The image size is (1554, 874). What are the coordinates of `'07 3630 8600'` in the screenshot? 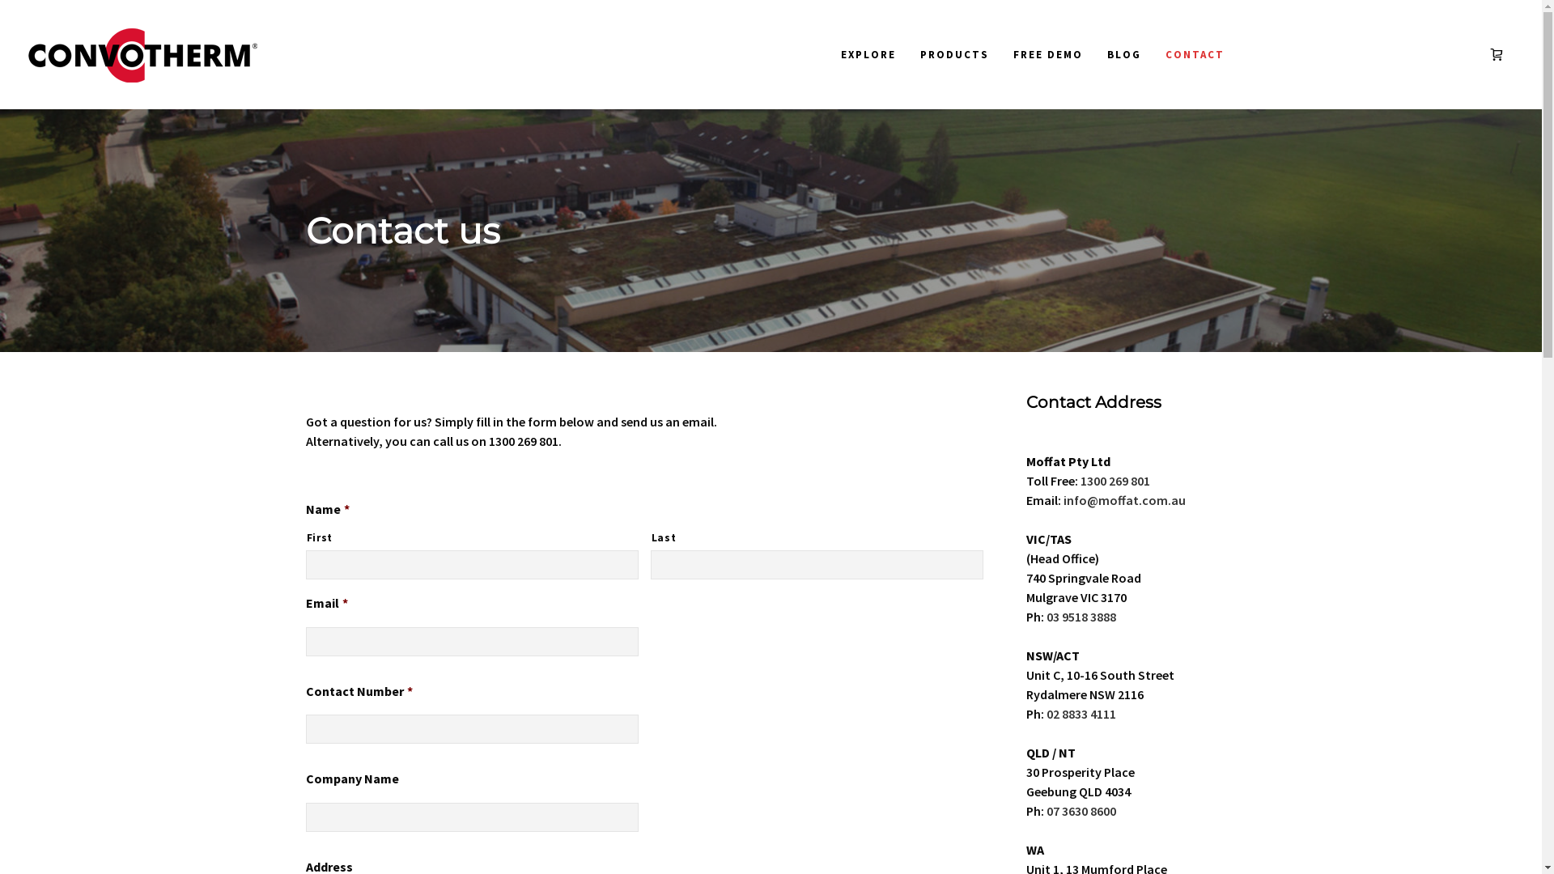 It's located at (1080, 811).